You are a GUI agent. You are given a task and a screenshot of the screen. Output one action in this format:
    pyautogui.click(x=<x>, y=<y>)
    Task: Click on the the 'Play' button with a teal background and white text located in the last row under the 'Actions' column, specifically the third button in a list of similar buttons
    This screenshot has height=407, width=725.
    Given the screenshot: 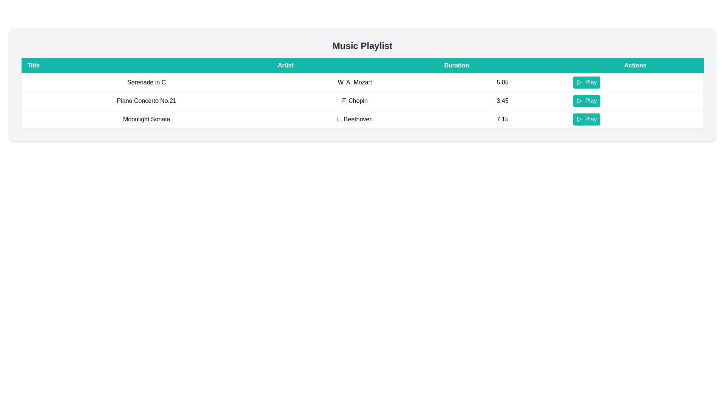 What is the action you would take?
    pyautogui.click(x=586, y=119)
    